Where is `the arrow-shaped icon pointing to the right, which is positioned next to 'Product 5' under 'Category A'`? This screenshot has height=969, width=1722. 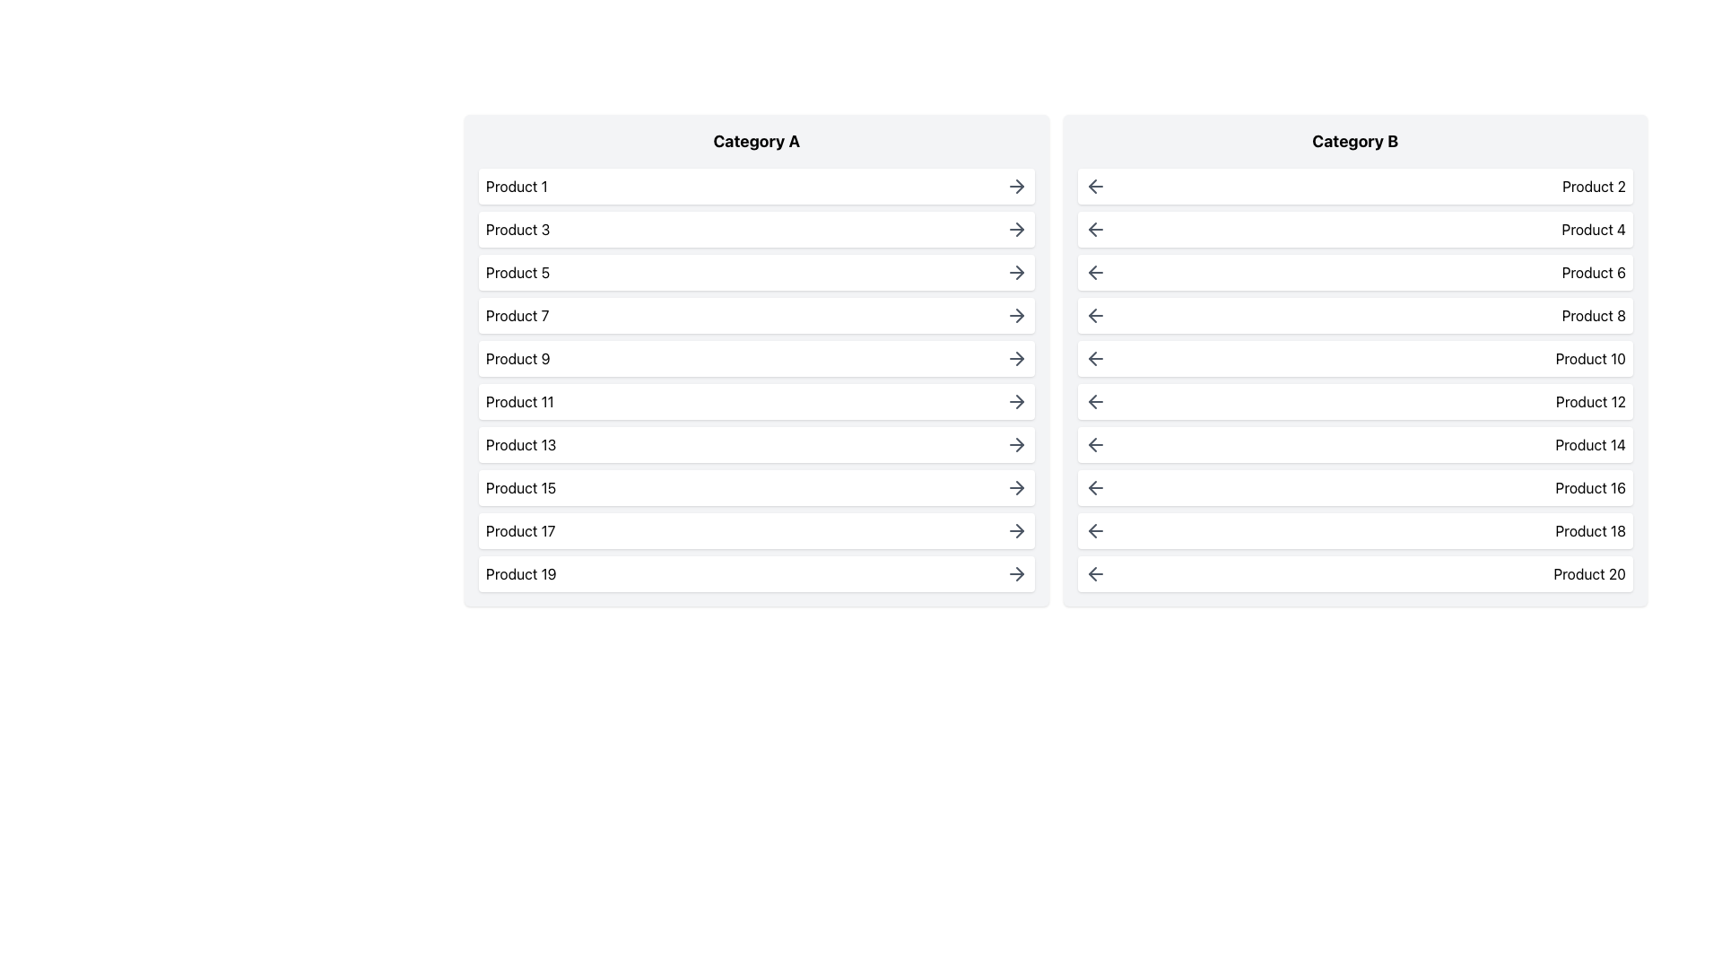 the arrow-shaped icon pointing to the right, which is positioned next to 'Product 5' under 'Category A' is located at coordinates (1020, 273).